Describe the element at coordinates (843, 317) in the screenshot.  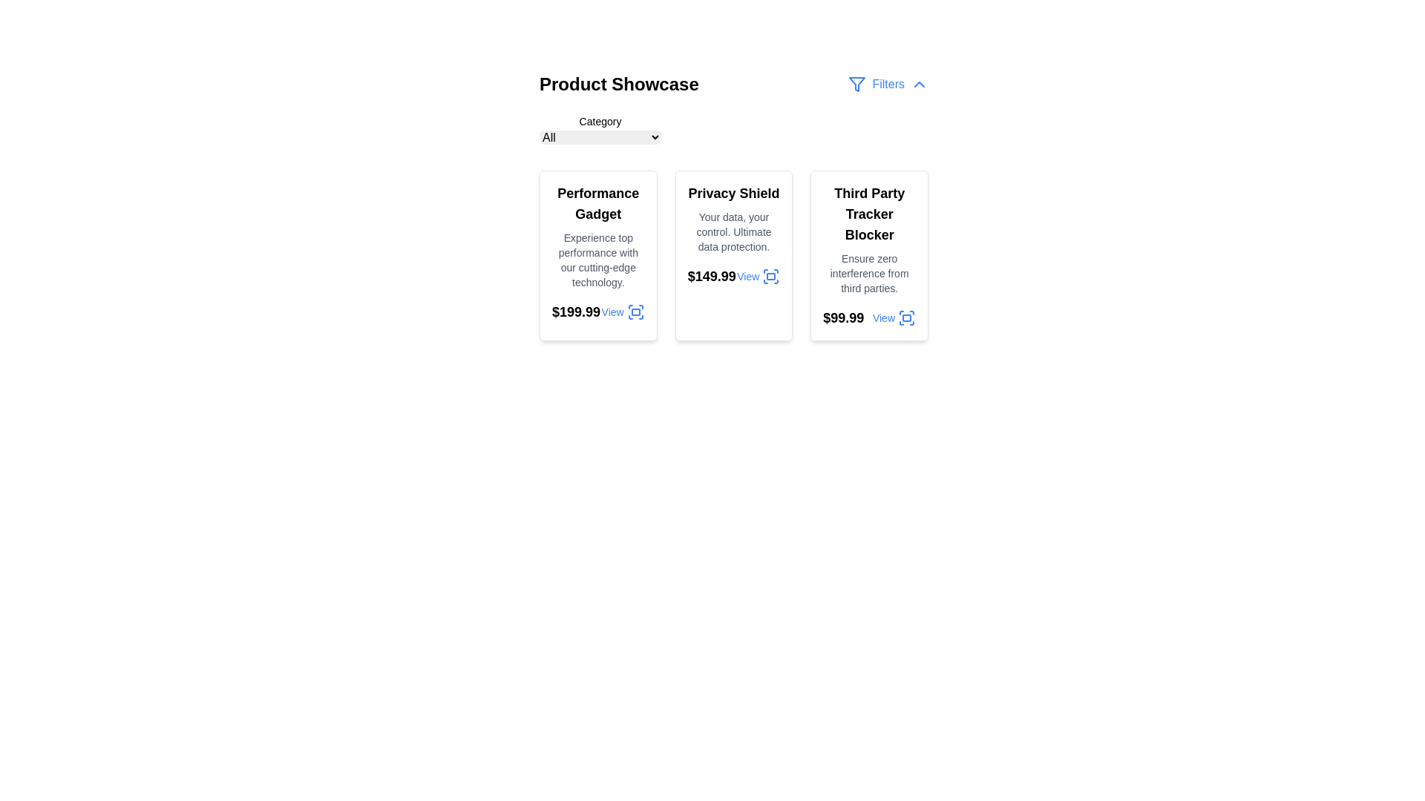
I see `the price display element located in the bottom-right corner of the 'Third Party Tracker Blocker' card, which is the rightmost card in a row of three cards` at that location.